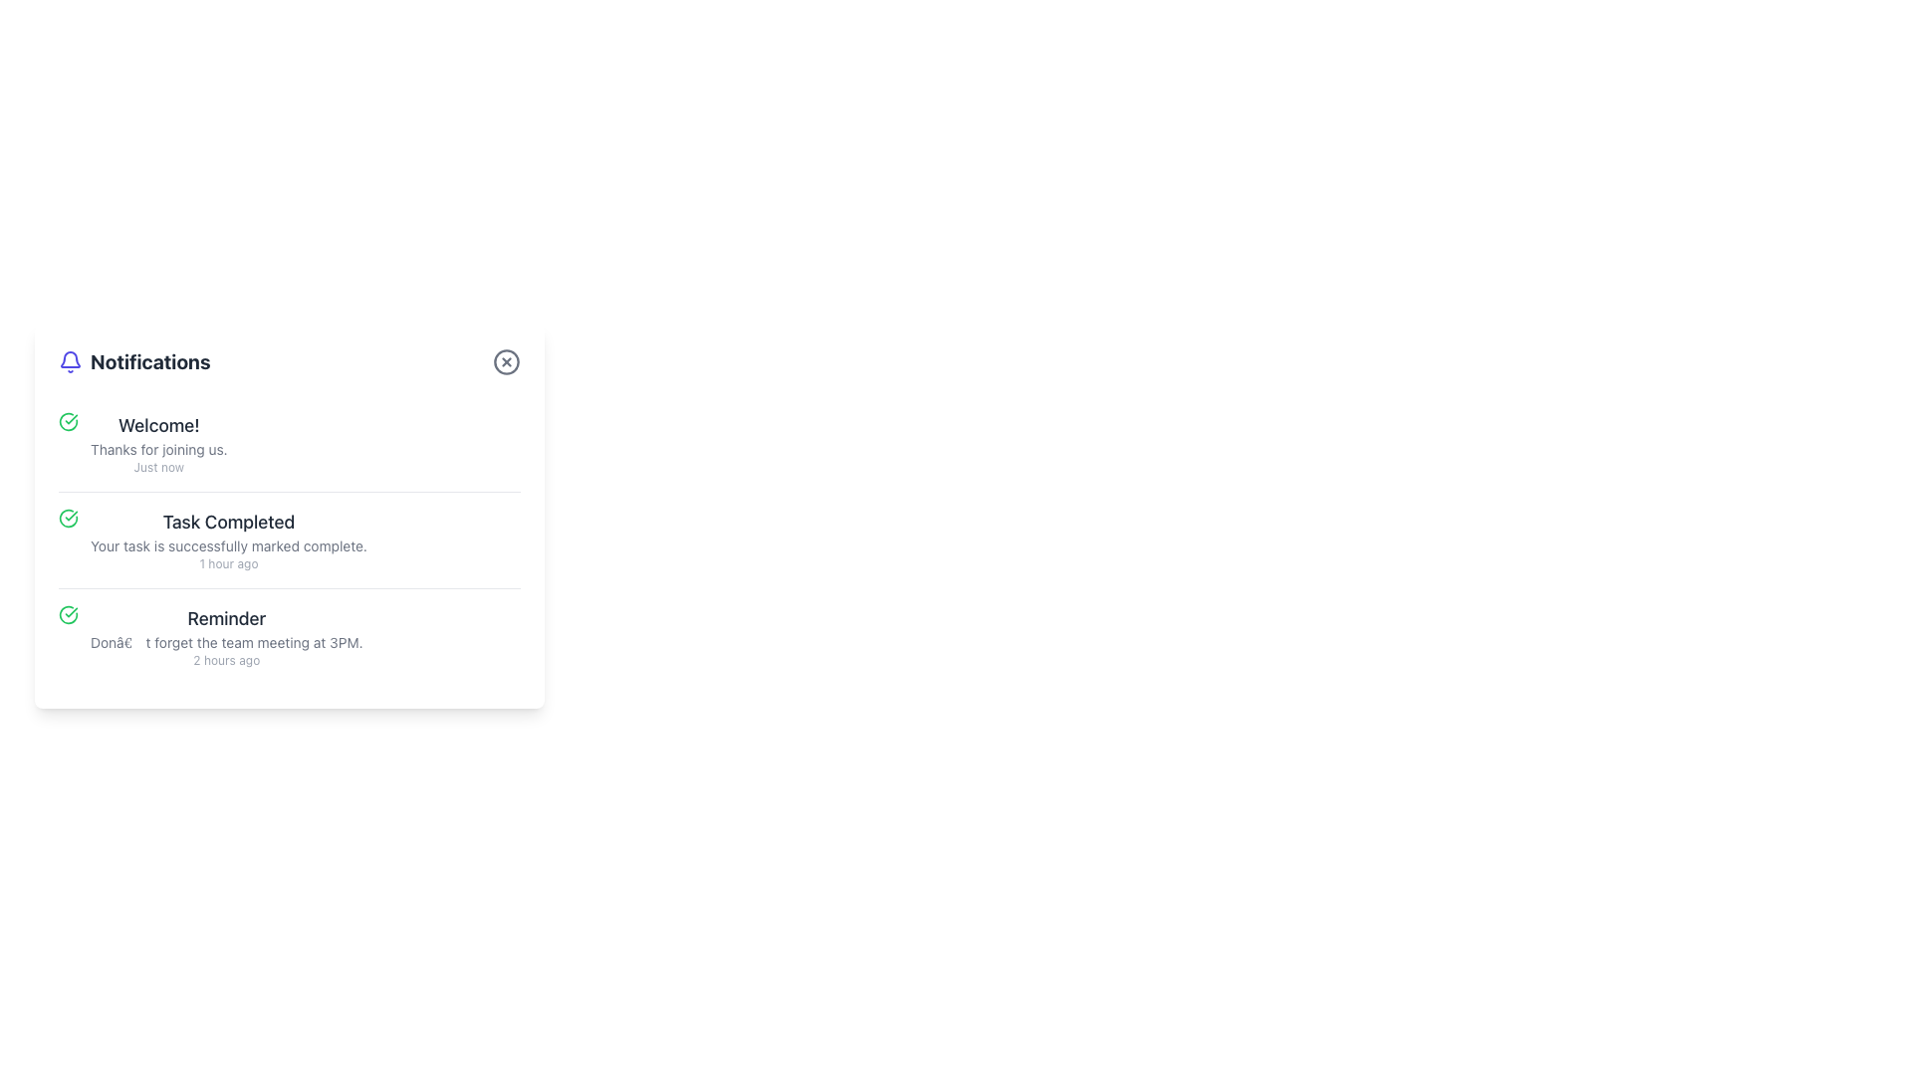  What do you see at coordinates (289, 516) in the screenshot?
I see `the second notification card in the notifications panel, which has a white background, rounded corners, and displays a title and details` at bounding box center [289, 516].